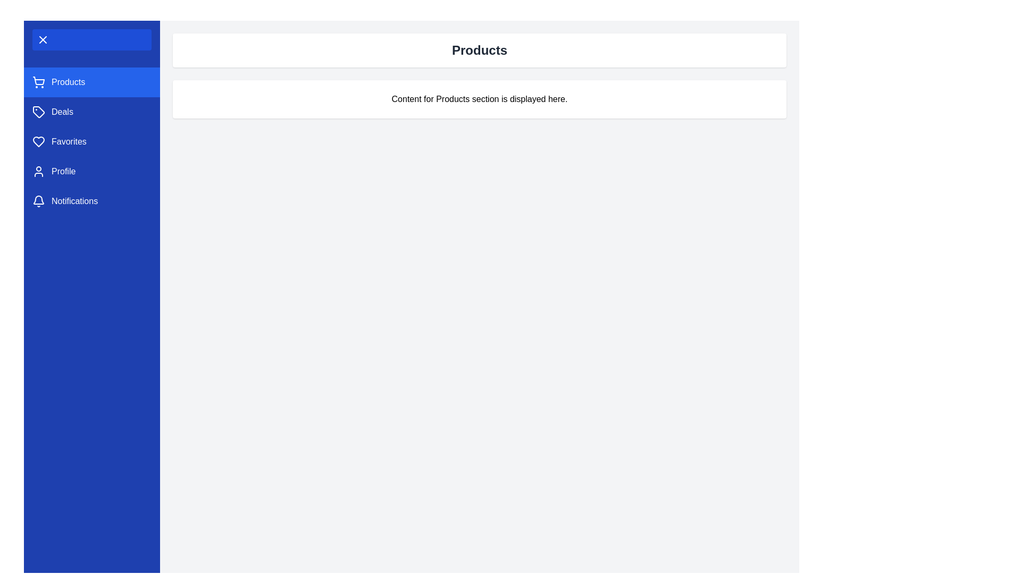  I want to click on the close or dismiss button for the sidebar, which is located in the top-left corner of the interface within a blue rectangle, so click(43, 39).